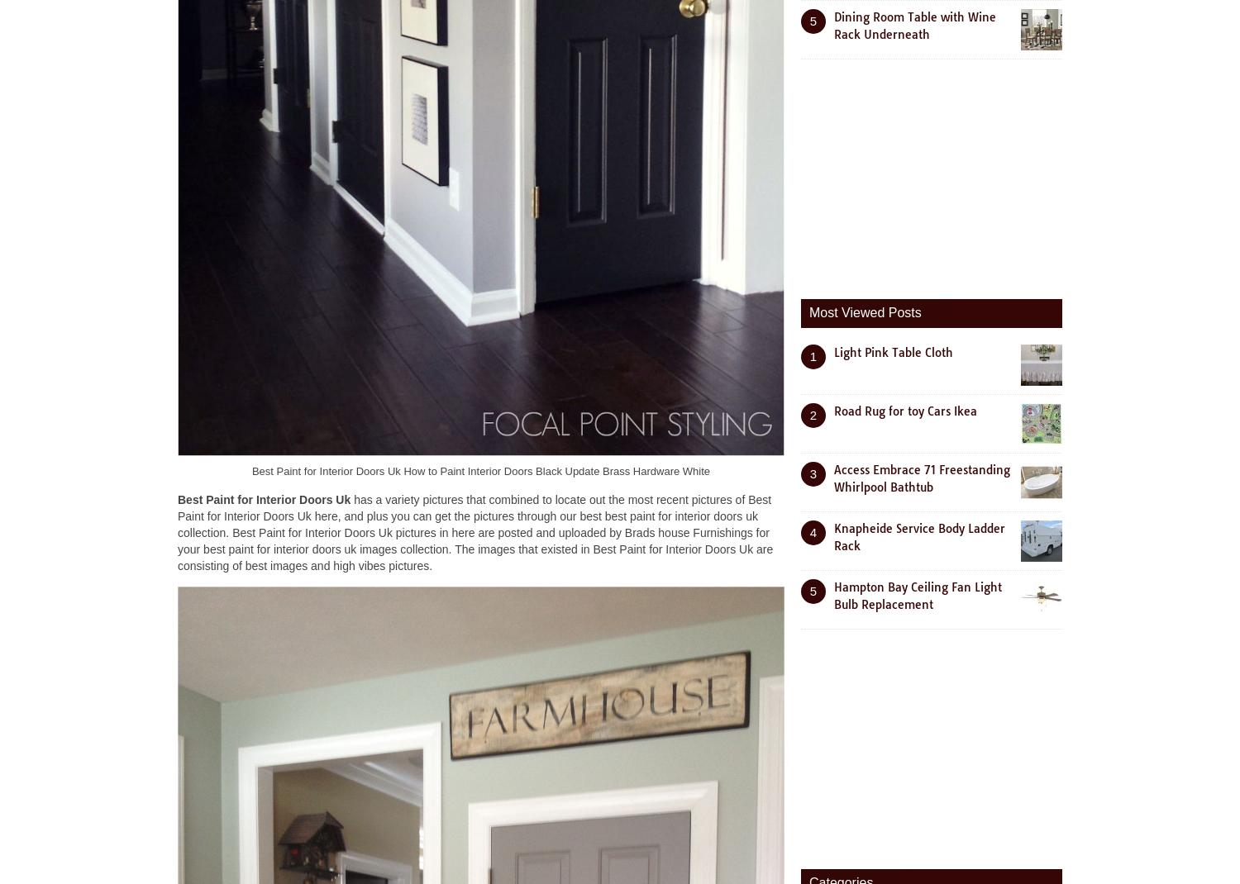 This screenshot has height=884, width=1240. Describe the element at coordinates (904, 411) in the screenshot. I see `'Road Rug for toy Cars Ikea'` at that location.